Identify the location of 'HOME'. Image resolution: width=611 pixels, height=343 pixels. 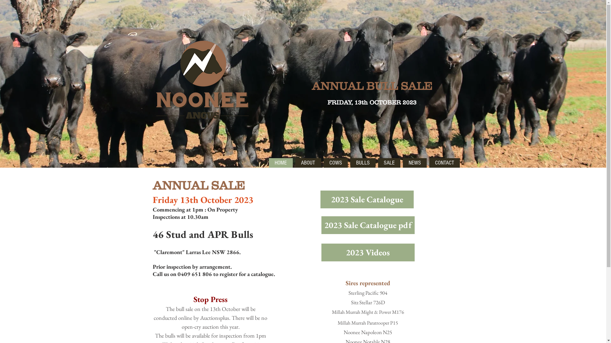
(280, 163).